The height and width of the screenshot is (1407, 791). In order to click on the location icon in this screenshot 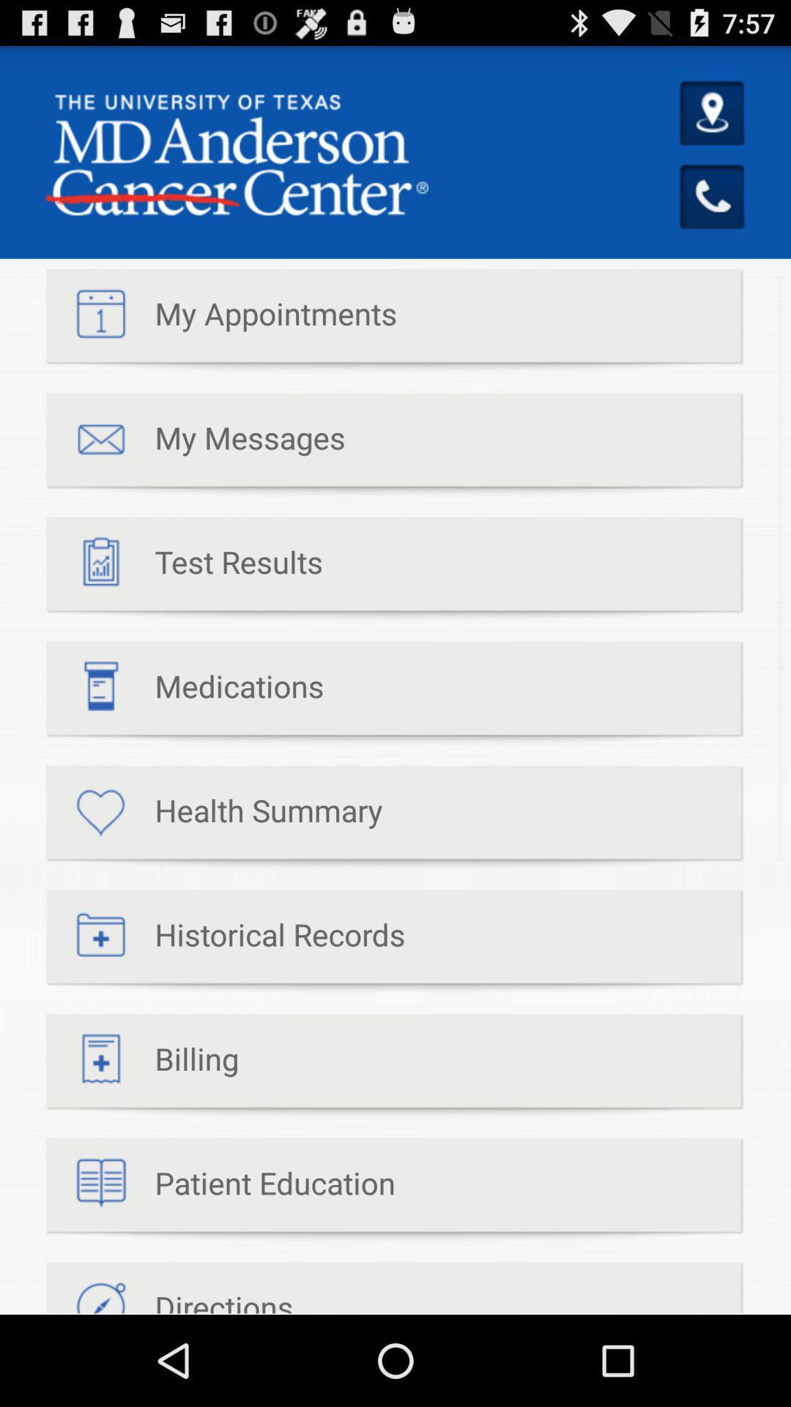, I will do `click(713, 127)`.